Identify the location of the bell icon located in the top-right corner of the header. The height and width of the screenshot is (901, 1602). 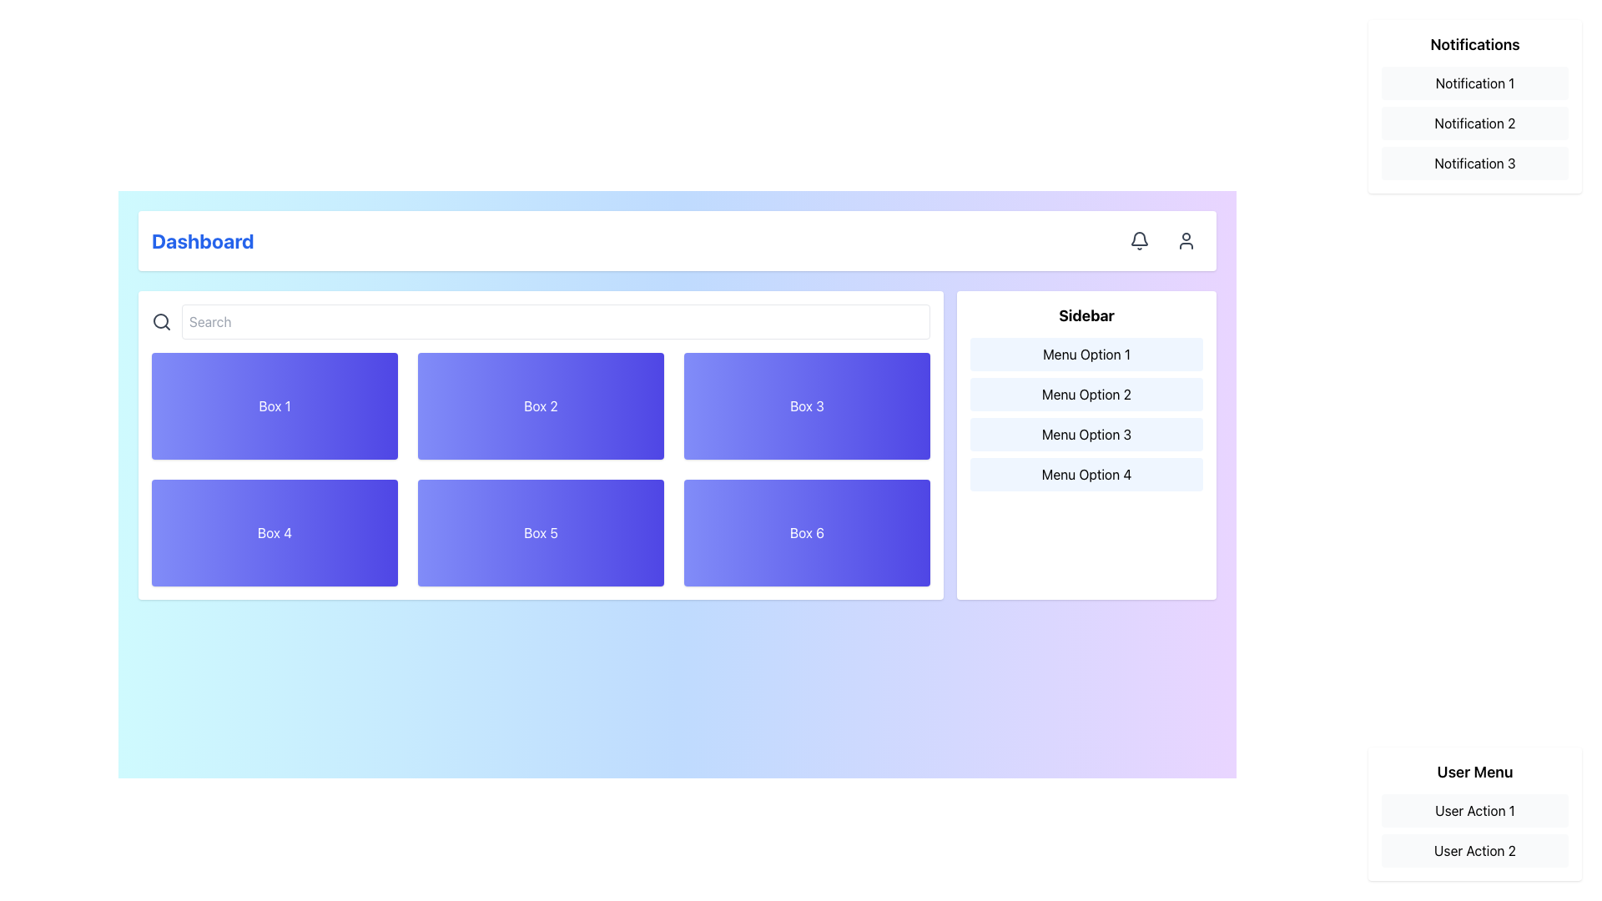
(1139, 241).